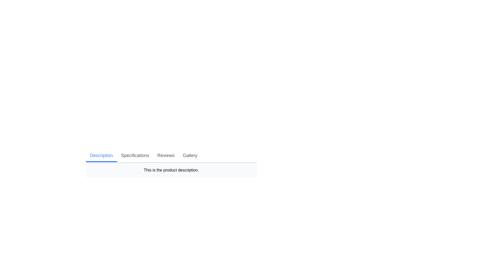 This screenshot has height=274, width=488. What do you see at coordinates (135, 156) in the screenshot?
I see `the tab labeled Specifications` at bounding box center [135, 156].